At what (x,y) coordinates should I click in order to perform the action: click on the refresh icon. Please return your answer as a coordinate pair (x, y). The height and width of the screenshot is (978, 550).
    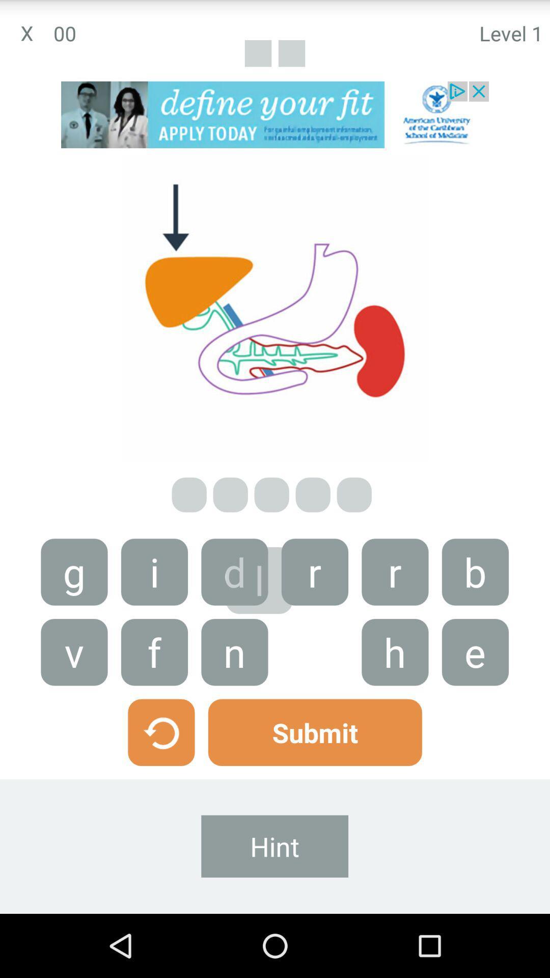
    Looking at the image, I should click on (160, 783).